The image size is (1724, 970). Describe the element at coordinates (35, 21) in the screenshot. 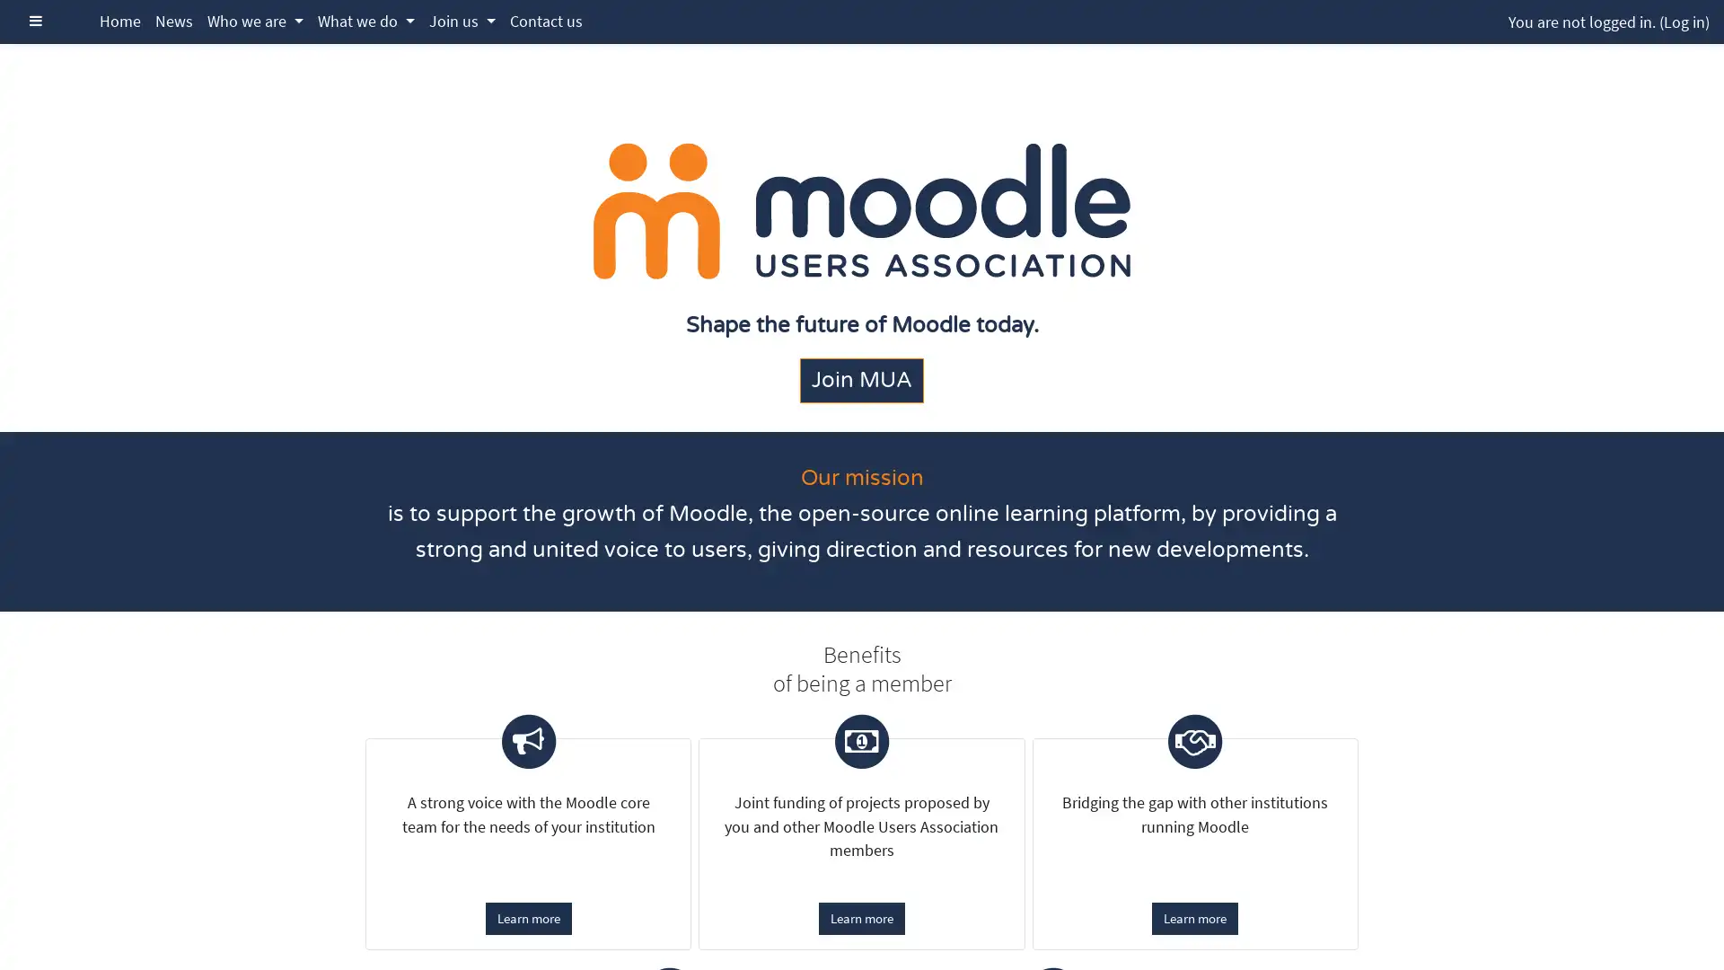

I see `Side panel` at that location.